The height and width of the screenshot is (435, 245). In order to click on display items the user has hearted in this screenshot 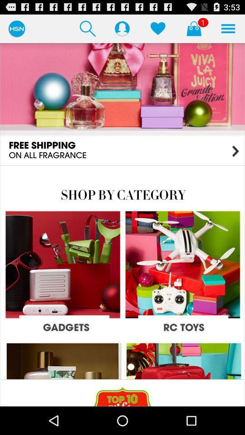, I will do `click(157, 28)`.